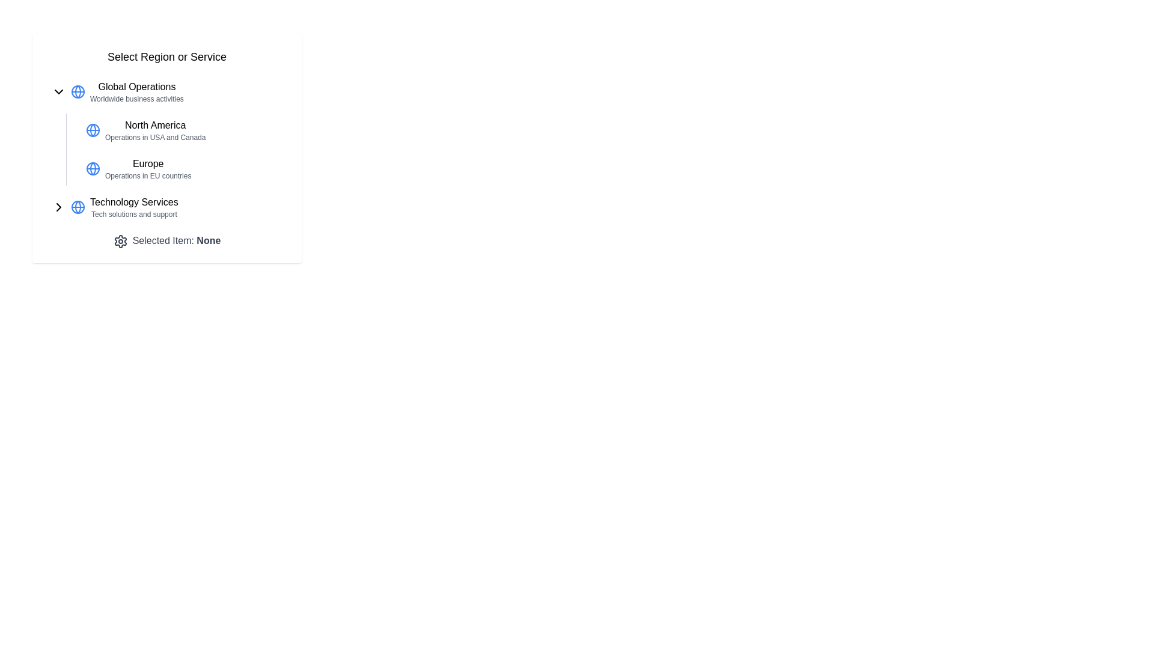  Describe the element at coordinates (58, 206) in the screenshot. I see `the chevron icon next to the globe icon under the 'Technology Services' section` at that location.